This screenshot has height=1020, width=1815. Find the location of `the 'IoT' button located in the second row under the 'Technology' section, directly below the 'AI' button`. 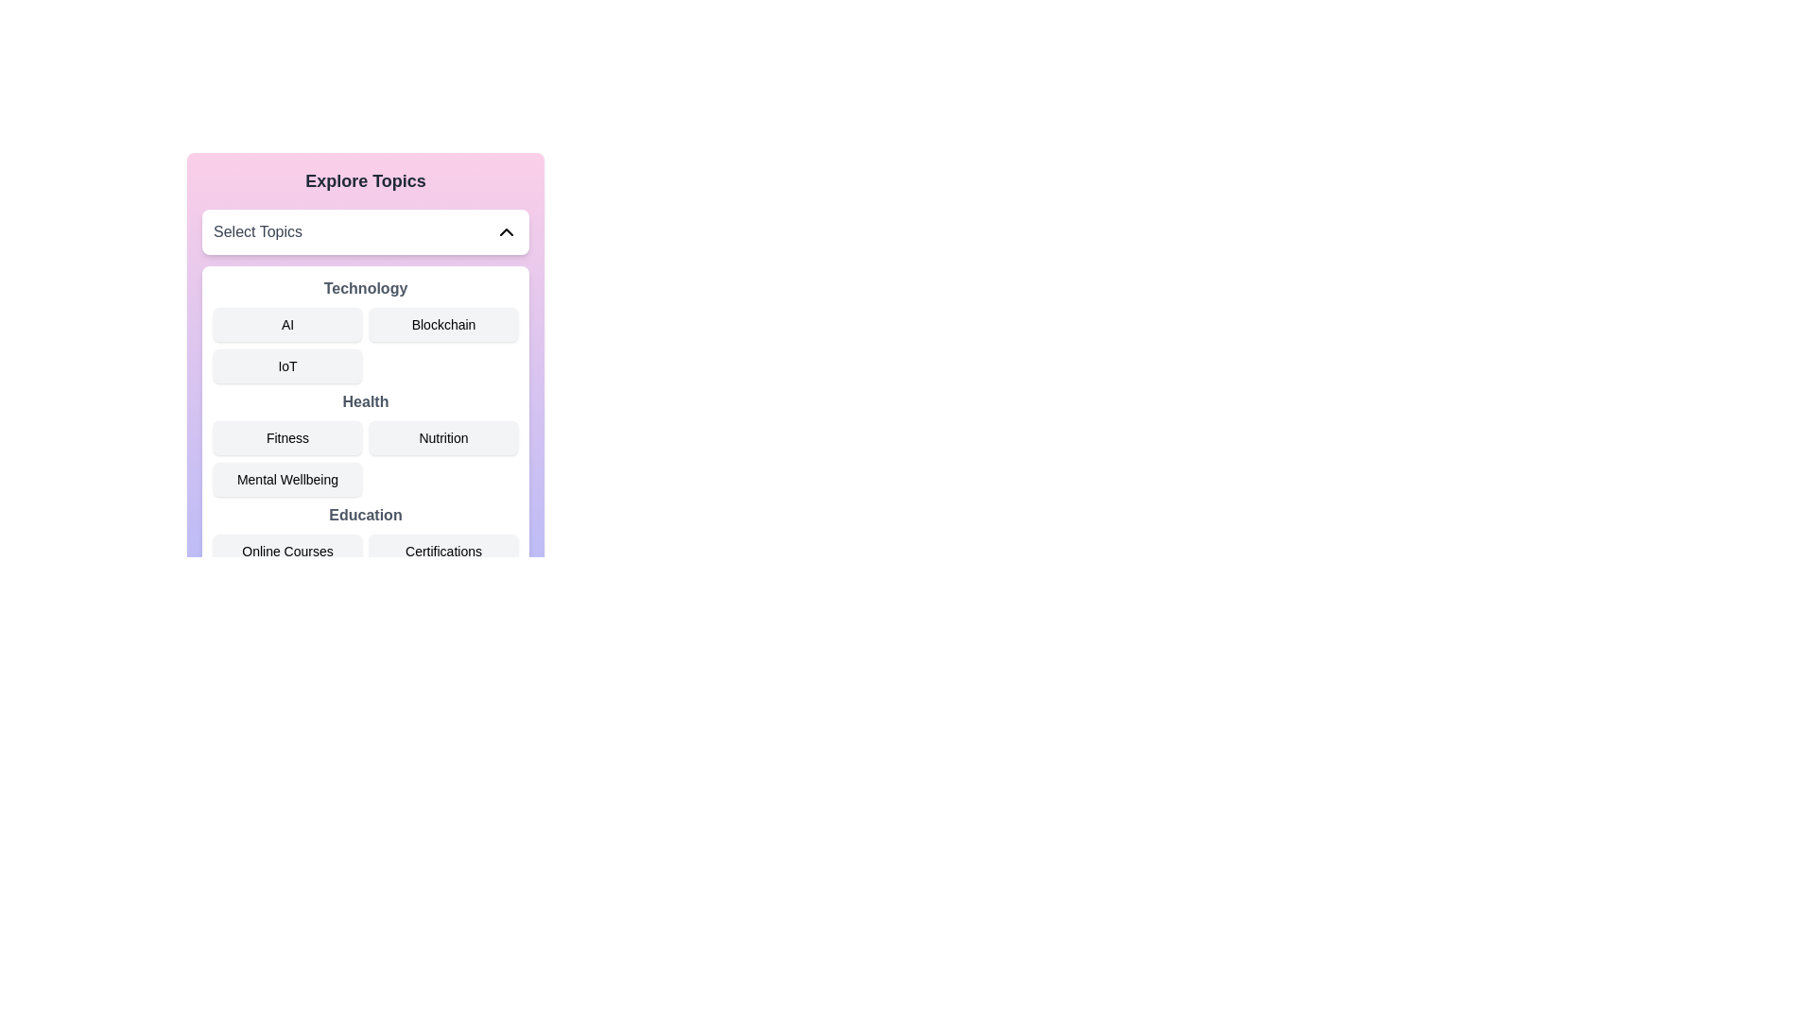

the 'IoT' button located in the second row under the 'Technology' section, directly below the 'AI' button is located at coordinates (366, 343).